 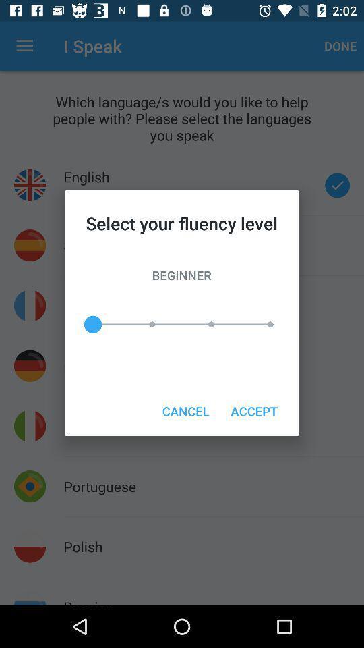 What do you see at coordinates (254, 410) in the screenshot?
I see `item on the right` at bounding box center [254, 410].